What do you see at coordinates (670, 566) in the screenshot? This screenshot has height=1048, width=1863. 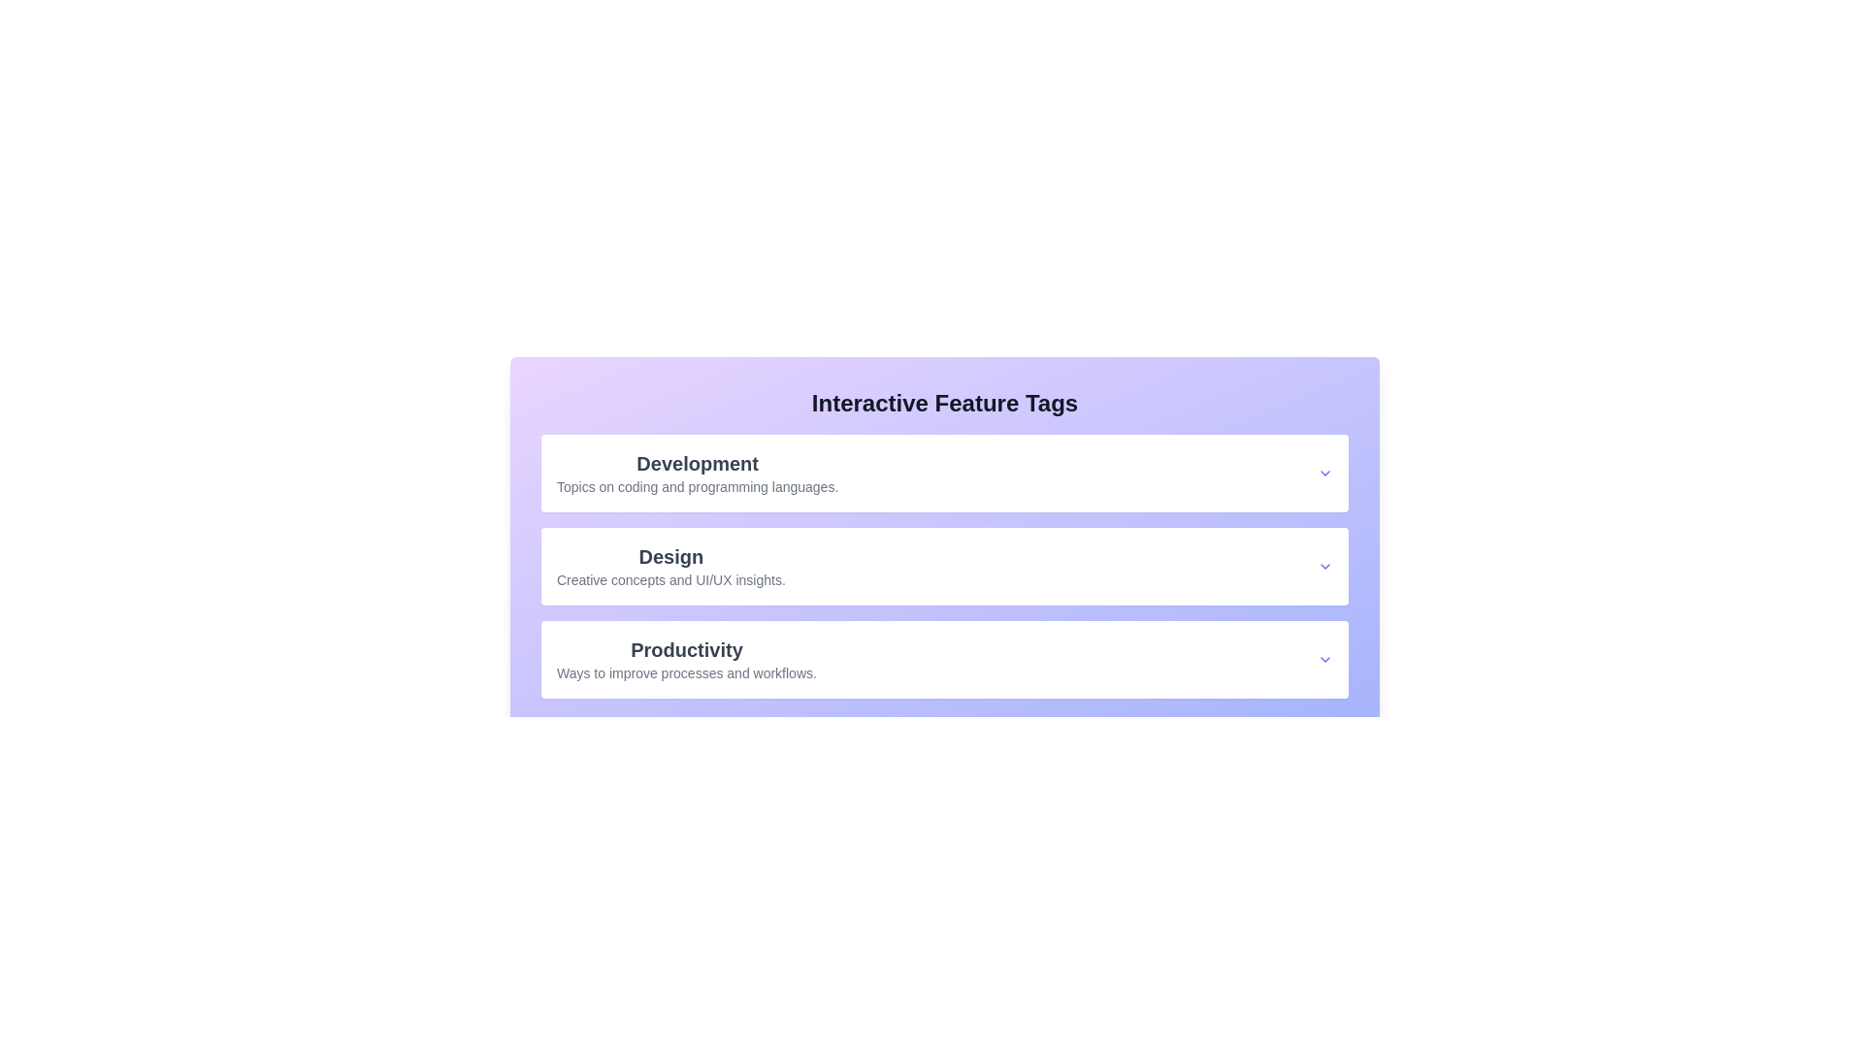 I see `the Section Header with the title 'Design' and the description 'Creative concepts and UI/UX insights.' located in the middle section of the 'Interactive Feature Tags' panel` at bounding box center [670, 566].